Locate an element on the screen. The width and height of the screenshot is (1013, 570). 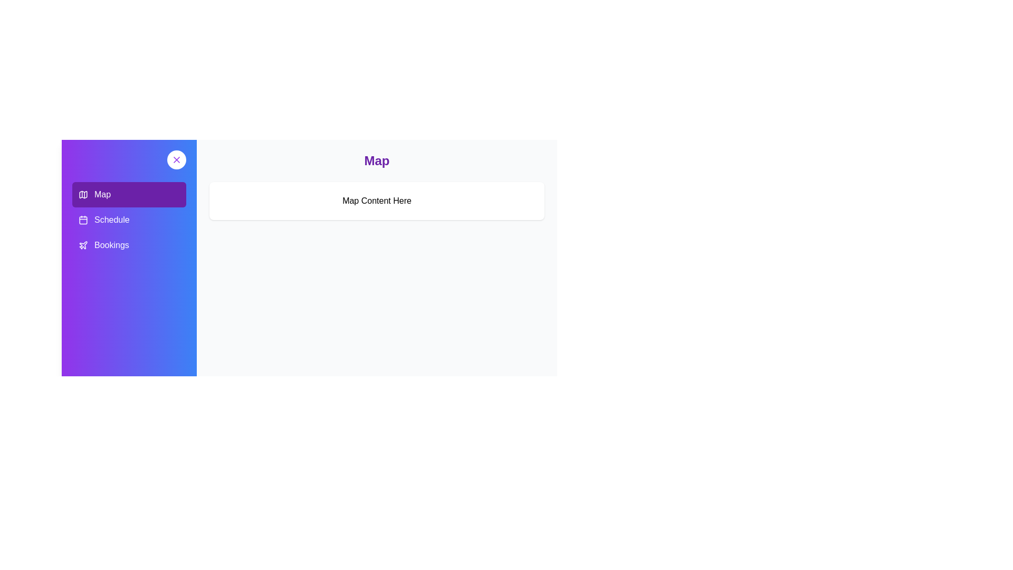
the Map tab by clicking on it is located at coordinates (128, 195).